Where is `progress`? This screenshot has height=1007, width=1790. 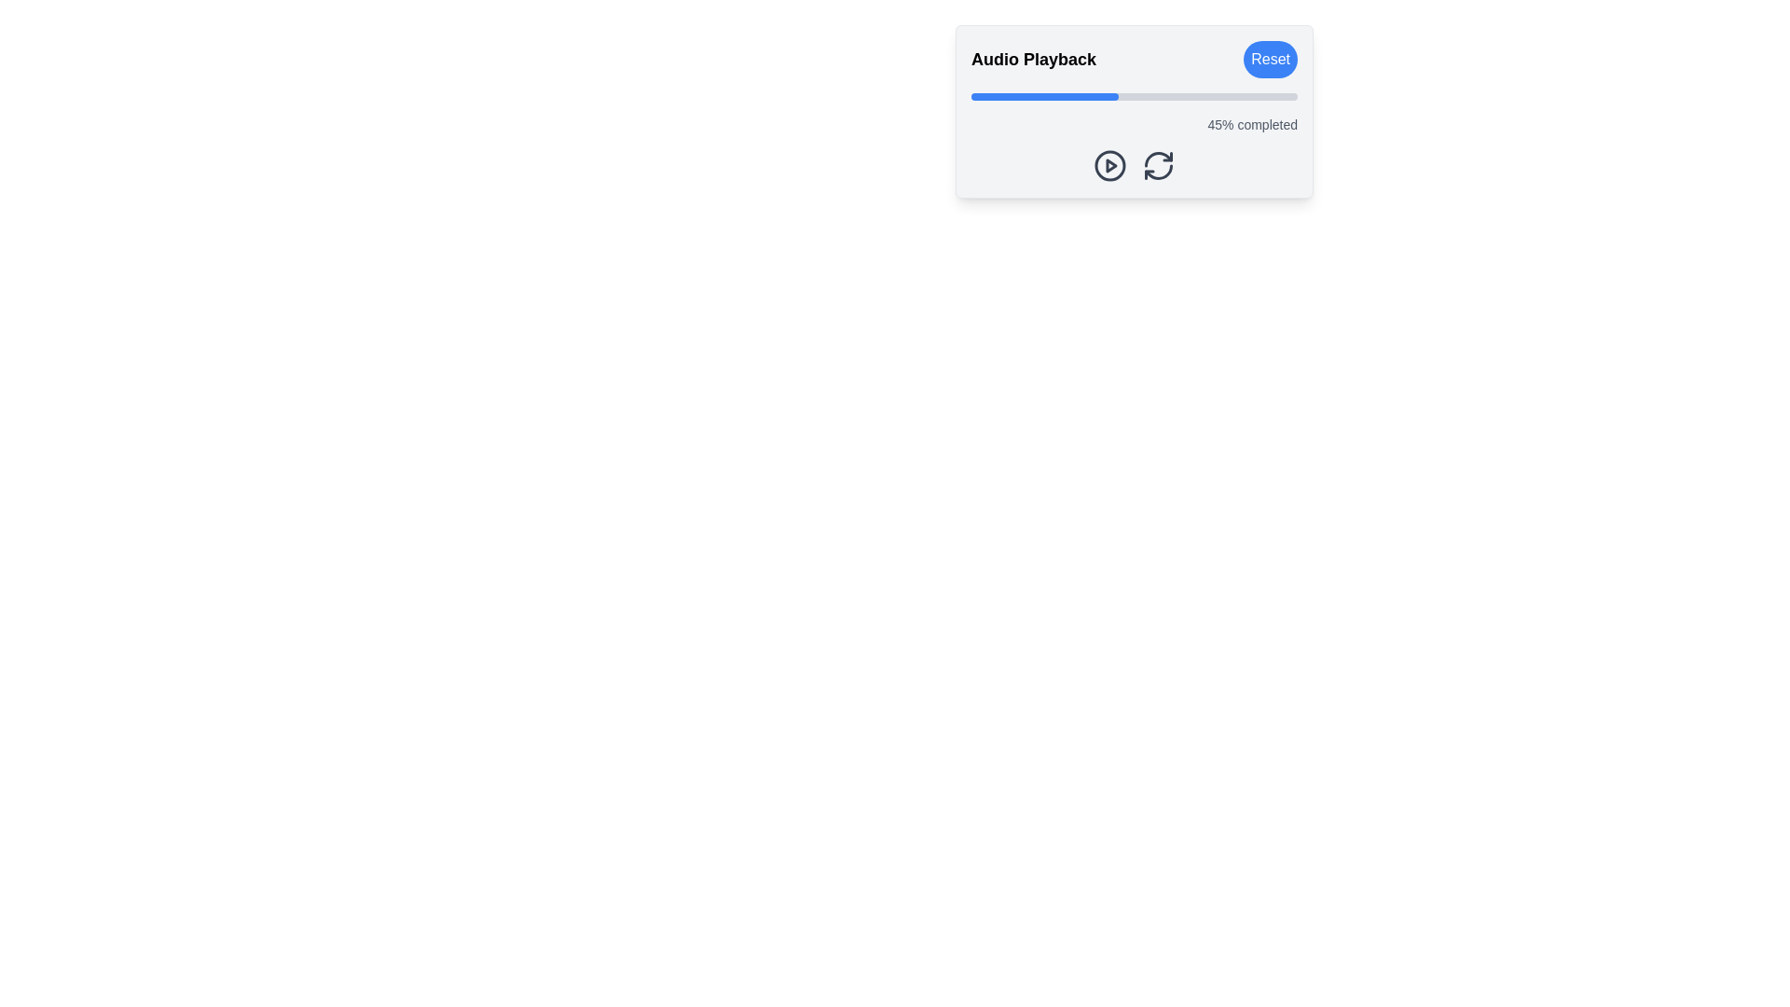
progress is located at coordinates (1006, 97).